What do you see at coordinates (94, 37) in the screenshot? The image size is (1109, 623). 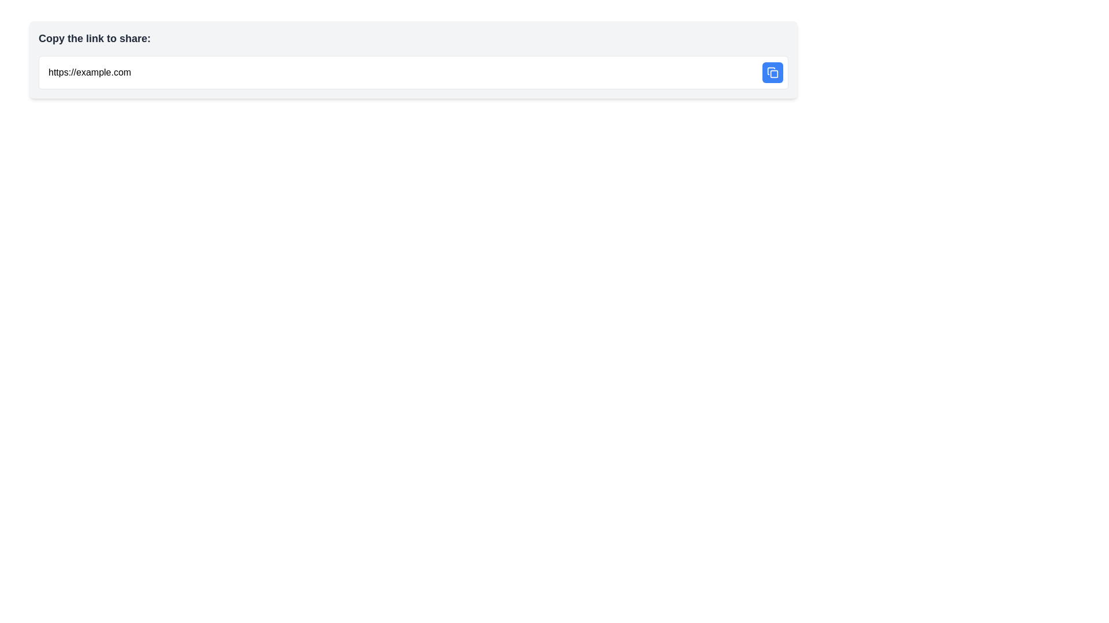 I see `displayed text from the label that says 'Copy the link to share:' positioned at the top left of the interface above the text input field` at bounding box center [94, 37].